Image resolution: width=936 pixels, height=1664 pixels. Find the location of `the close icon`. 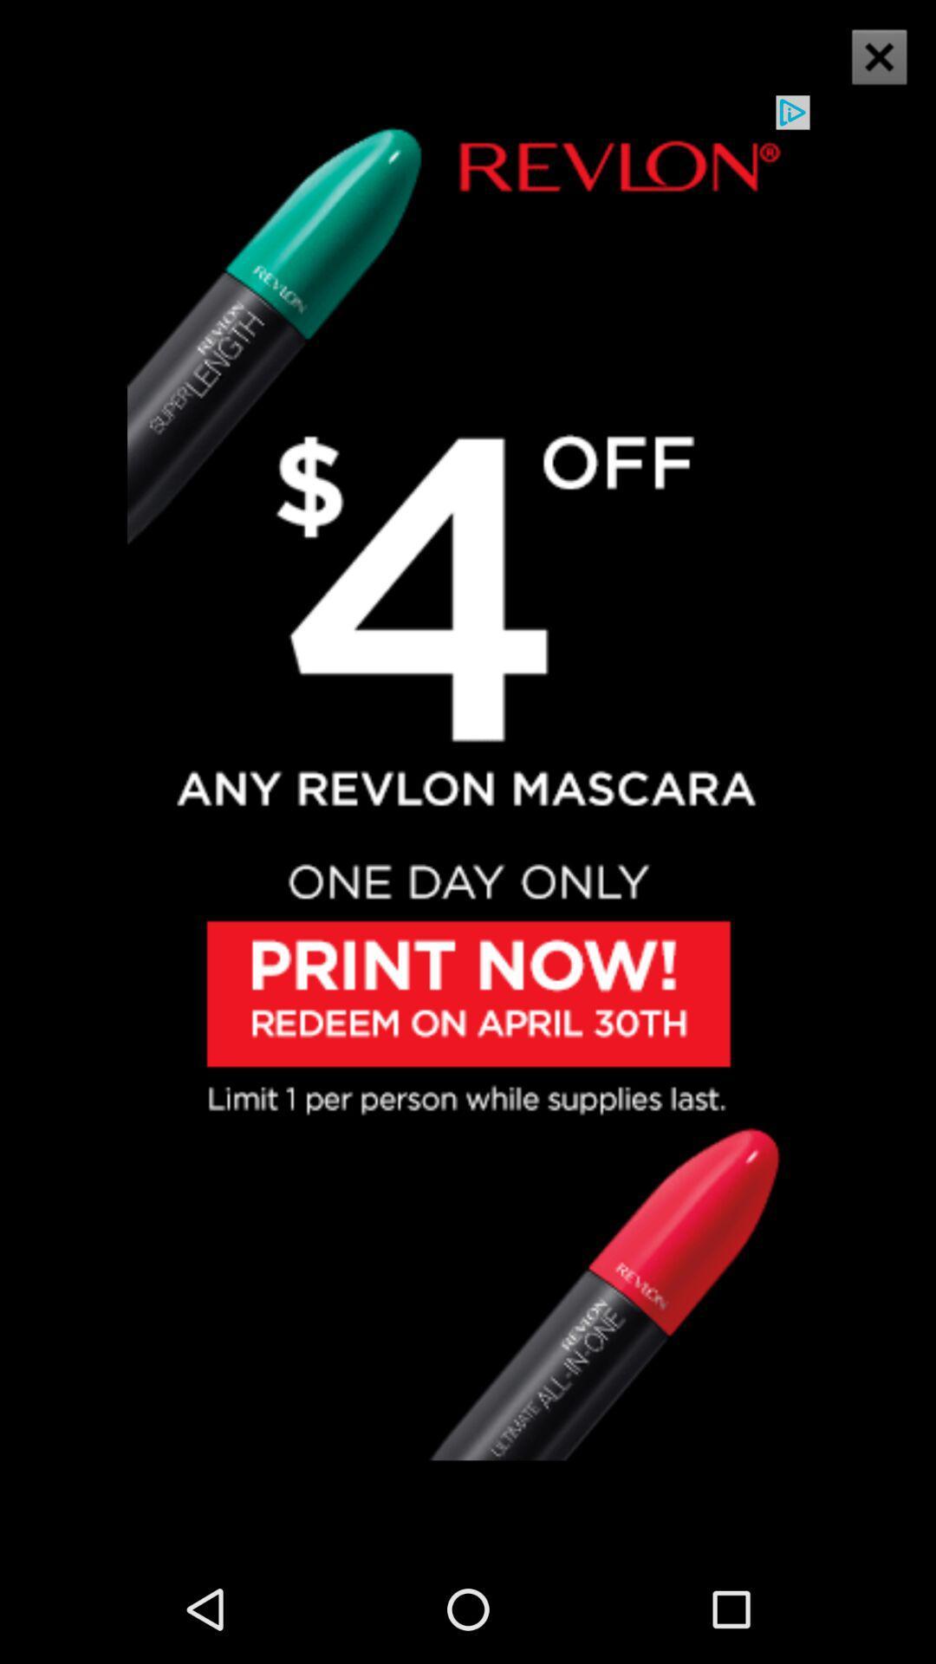

the close icon is located at coordinates (879, 61).